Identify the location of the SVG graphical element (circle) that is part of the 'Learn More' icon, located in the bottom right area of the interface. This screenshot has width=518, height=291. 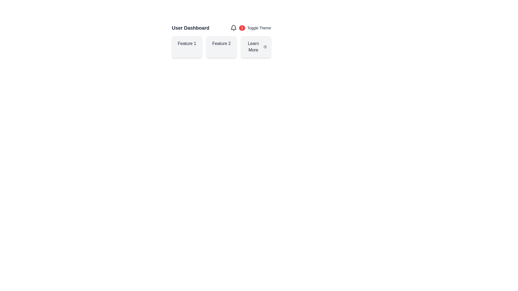
(265, 46).